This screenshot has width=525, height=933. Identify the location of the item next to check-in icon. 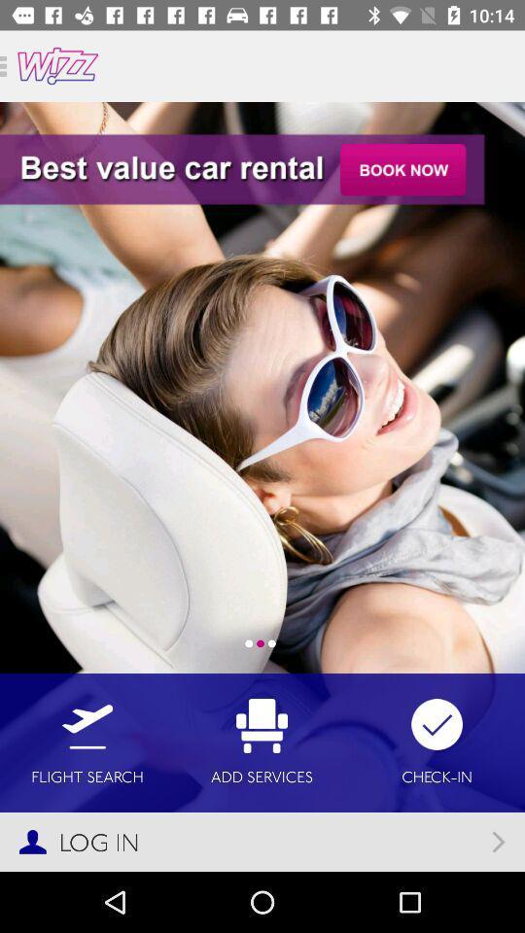
(262, 742).